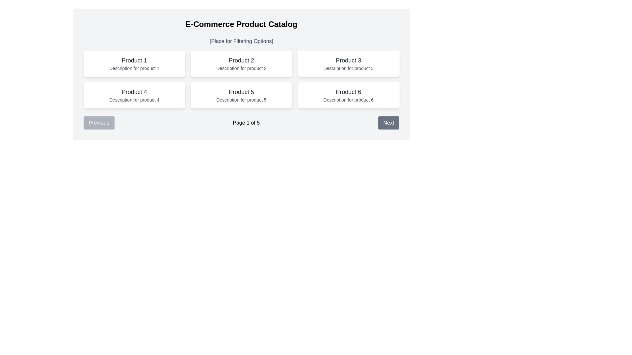 Image resolution: width=632 pixels, height=355 pixels. I want to click on the text label displaying 'Product 5' in medium-sized gray text, located at the top-center of the fifth card in the grid layout, so click(241, 92).